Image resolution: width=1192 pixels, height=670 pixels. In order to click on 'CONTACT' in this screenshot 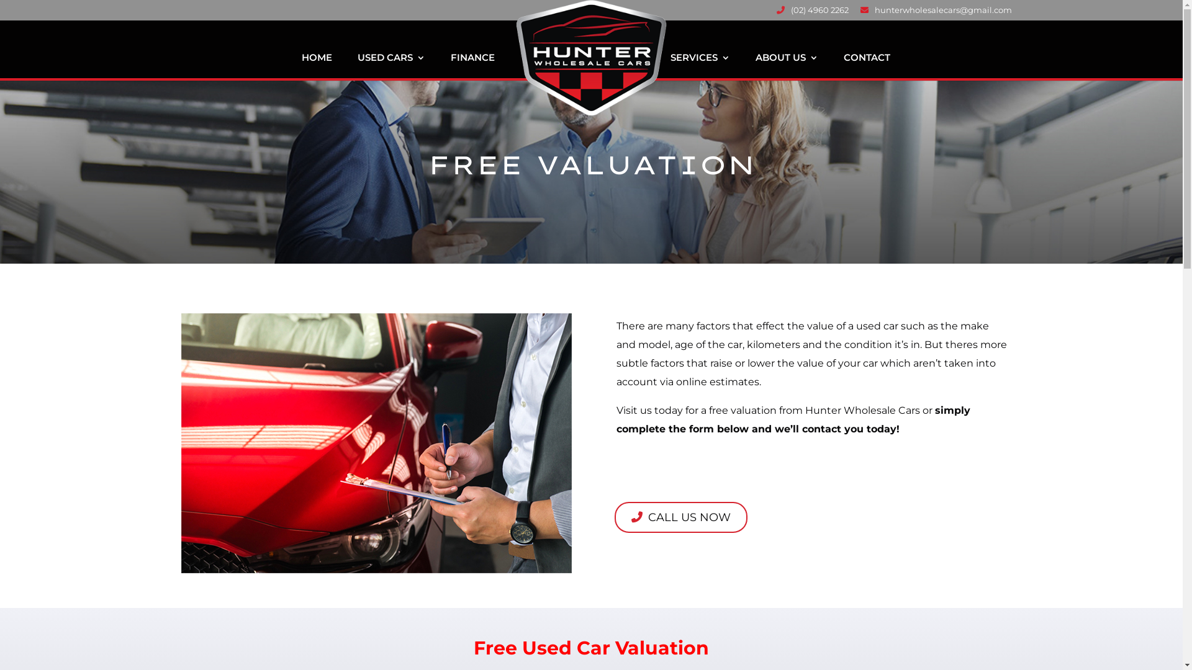, I will do `click(865, 67)`.